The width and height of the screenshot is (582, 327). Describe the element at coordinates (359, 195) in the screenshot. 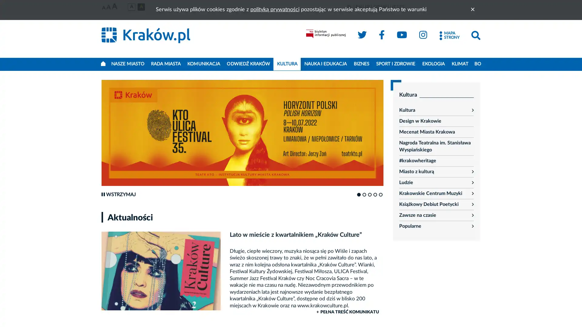

I see `Go to slide 1` at that location.